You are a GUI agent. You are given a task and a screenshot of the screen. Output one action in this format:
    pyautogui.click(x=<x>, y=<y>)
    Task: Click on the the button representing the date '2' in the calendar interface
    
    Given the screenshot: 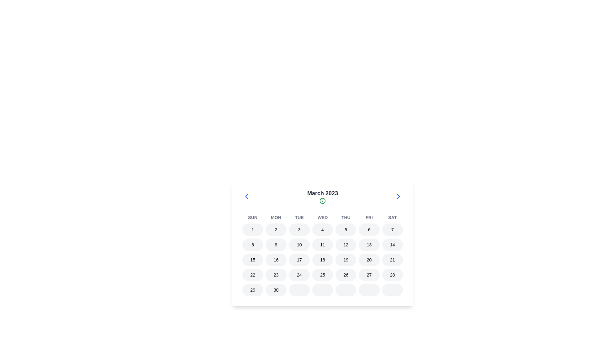 What is the action you would take?
    pyautogui.click(x=276, y=230)
    